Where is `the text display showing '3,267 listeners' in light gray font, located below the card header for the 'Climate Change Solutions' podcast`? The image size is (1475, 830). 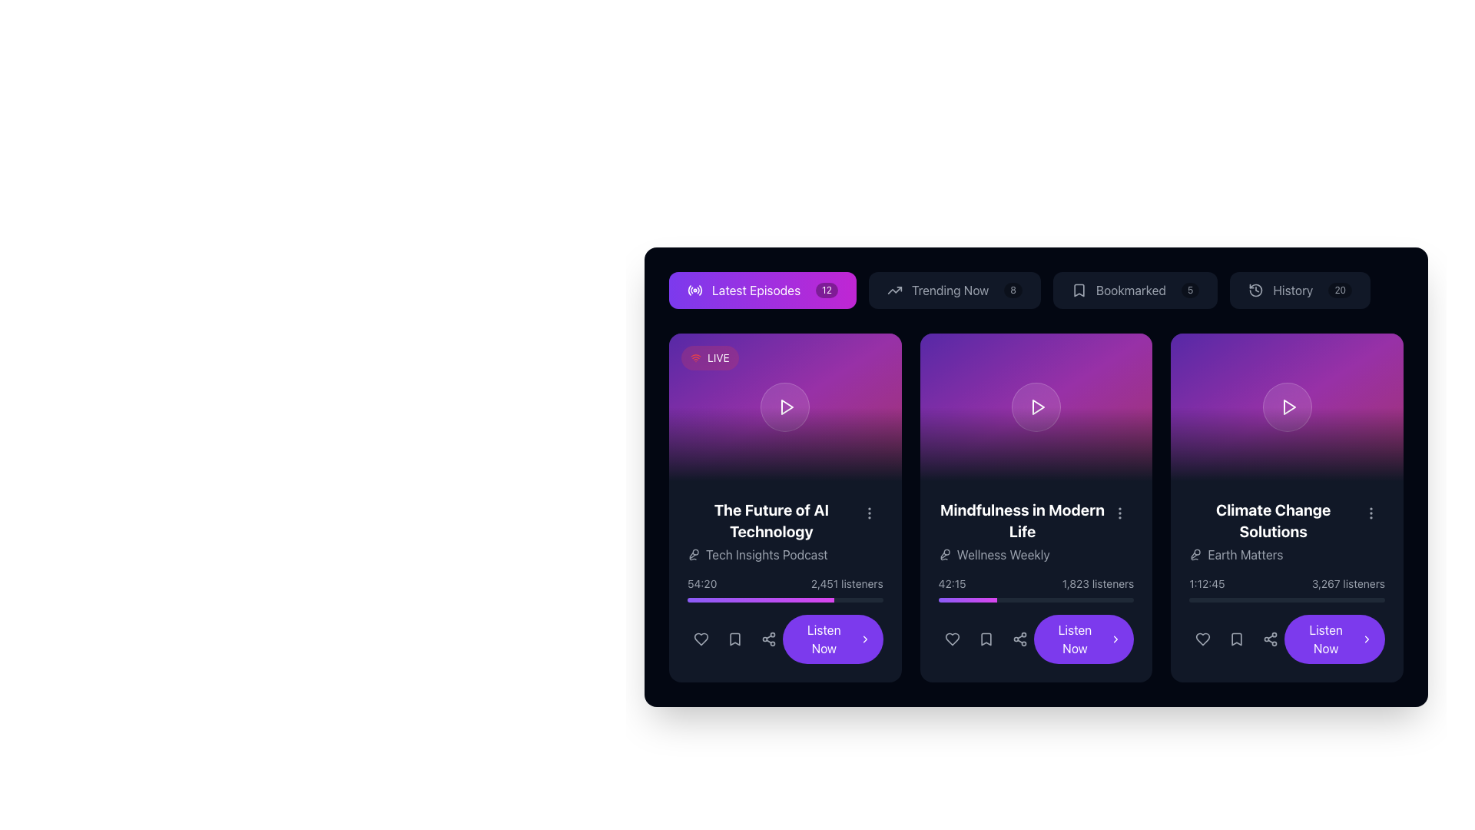
the text display showing '3,267 listeners' in light gray font, located below the card header for the 'Climate Change Solutions' podcast is located at coordinates (1347, 583).